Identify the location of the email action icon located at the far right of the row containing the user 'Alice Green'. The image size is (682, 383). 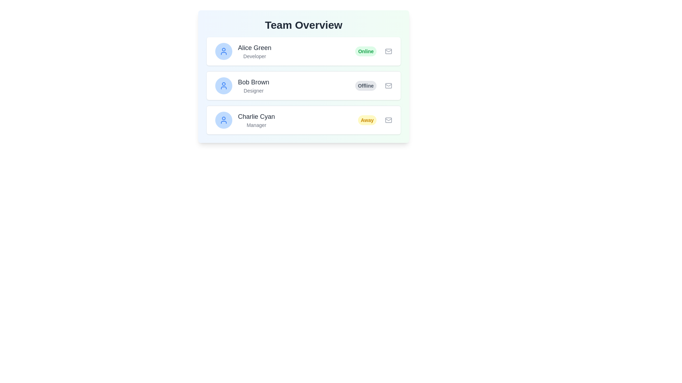
(388, 51).